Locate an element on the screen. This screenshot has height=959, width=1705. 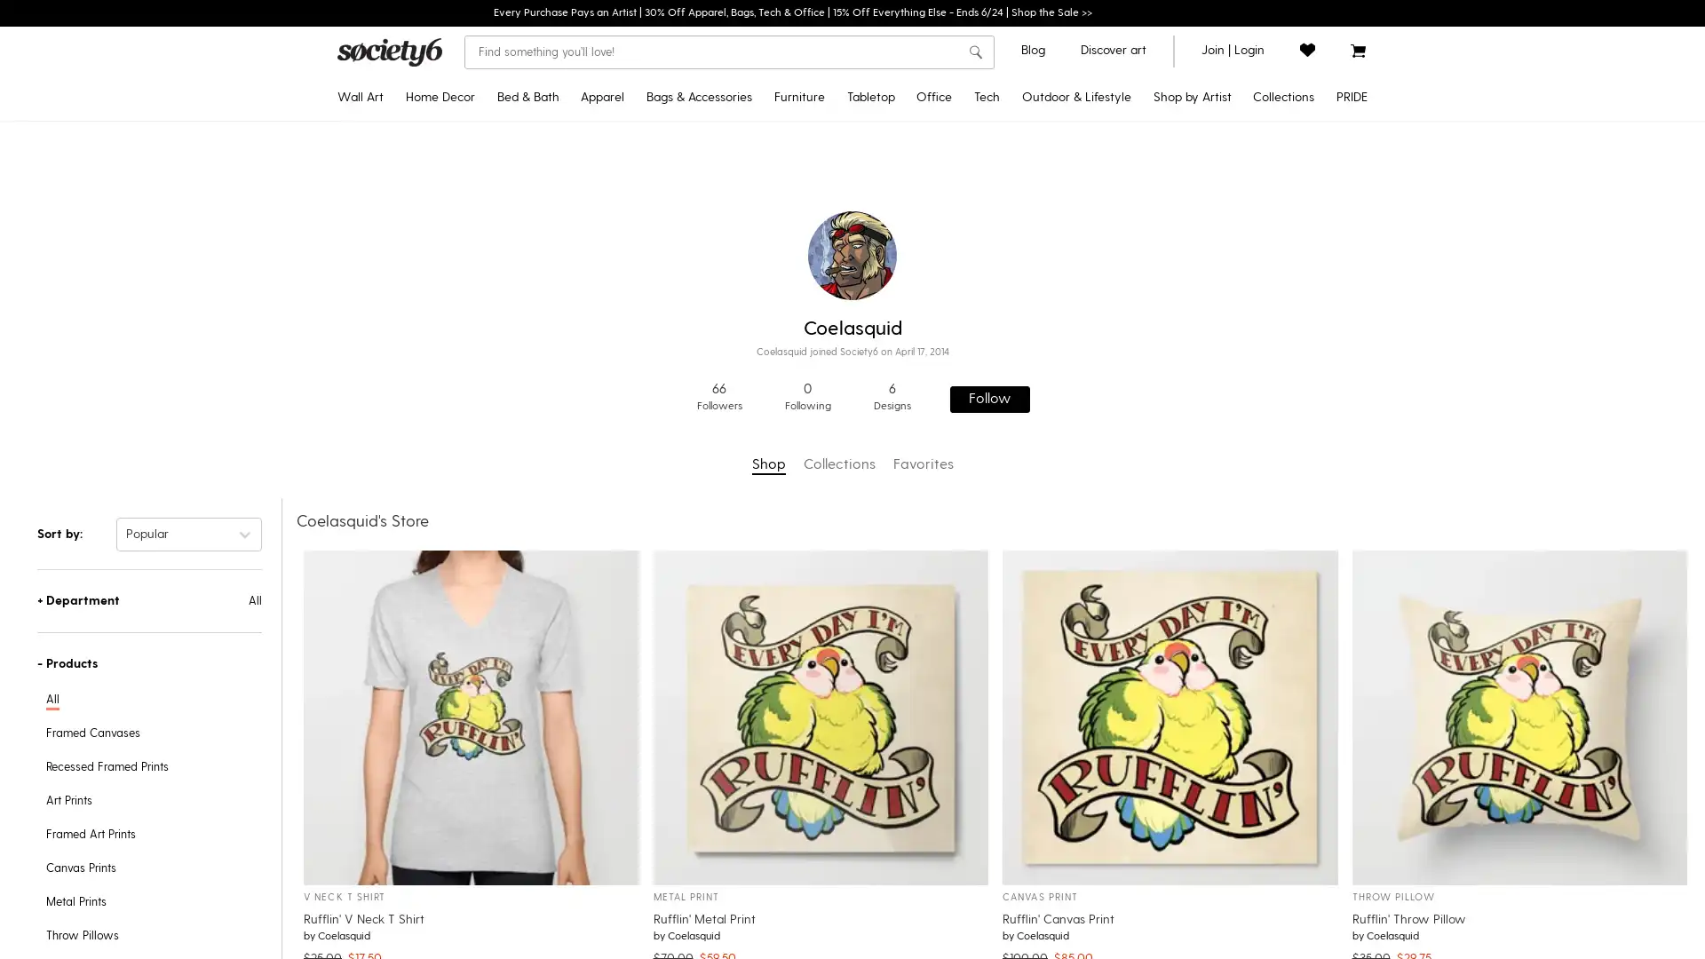
Pillow Shams is located at coordinates (566, 199).